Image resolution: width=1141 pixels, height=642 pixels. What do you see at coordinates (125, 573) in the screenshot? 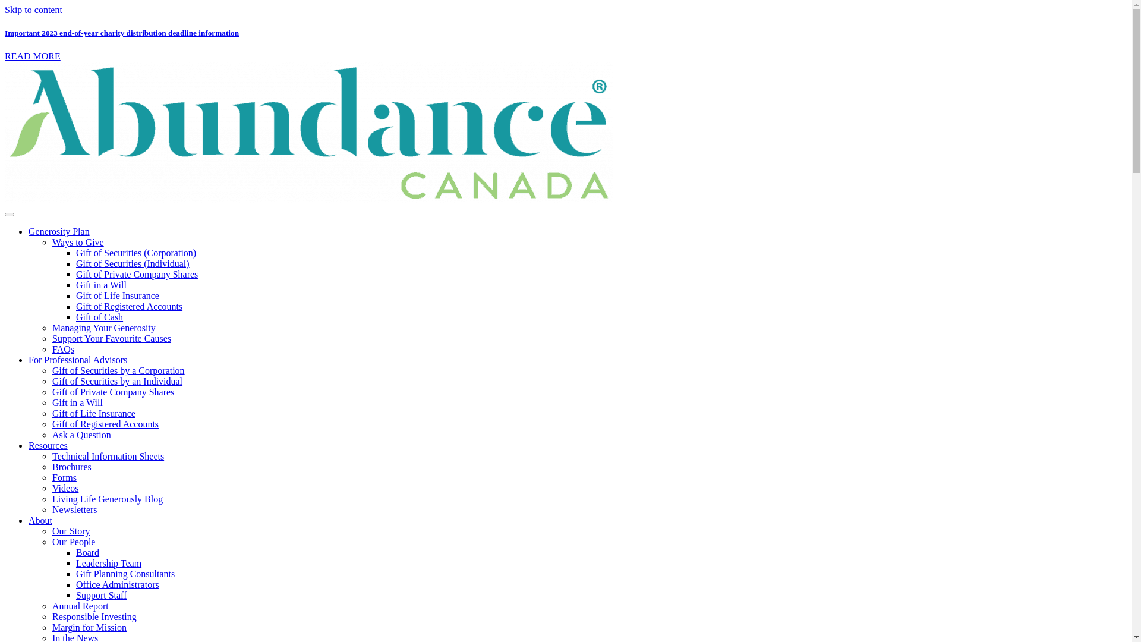
I see `'Gift Planning Consultants'` at bounding box center [125, 573].